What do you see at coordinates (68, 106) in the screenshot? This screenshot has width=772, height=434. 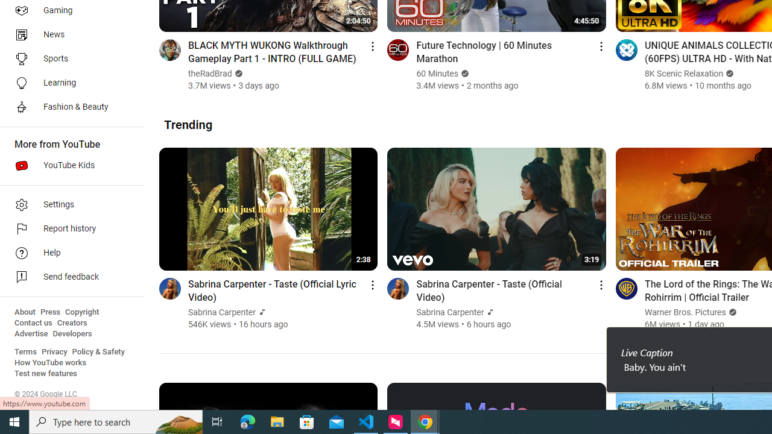 I see `'Fashion & Beauty'` at bounding box center [68, 106].